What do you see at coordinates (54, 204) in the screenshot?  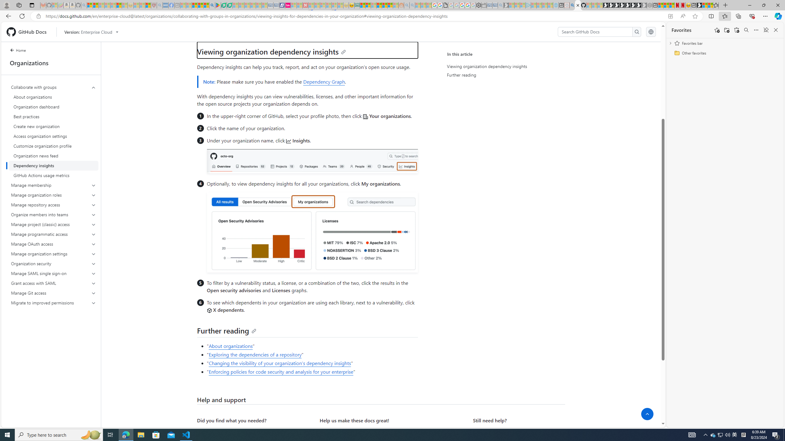 I see `'Manage repository access'` at bounding box center [54, 204].